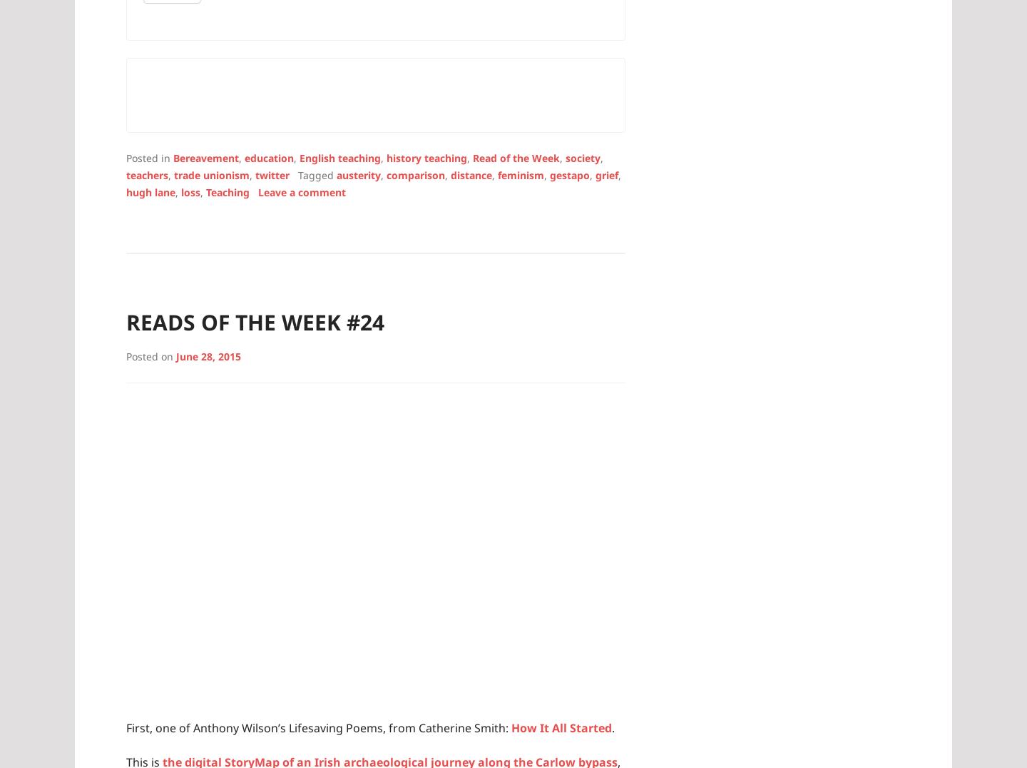 This screenshot has height=768, width=1027. What do you see at coordinates (208, 355) in the screenshot?
I see `'June 28, 2015'` at bounding box center [208, 355].